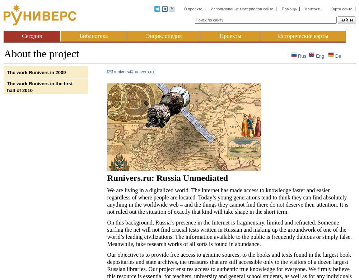 Image resolution: width=359 pixels, height=280 pixels. I want to click on 'The work Runivers in the first half of 2010', so click(39, 86).